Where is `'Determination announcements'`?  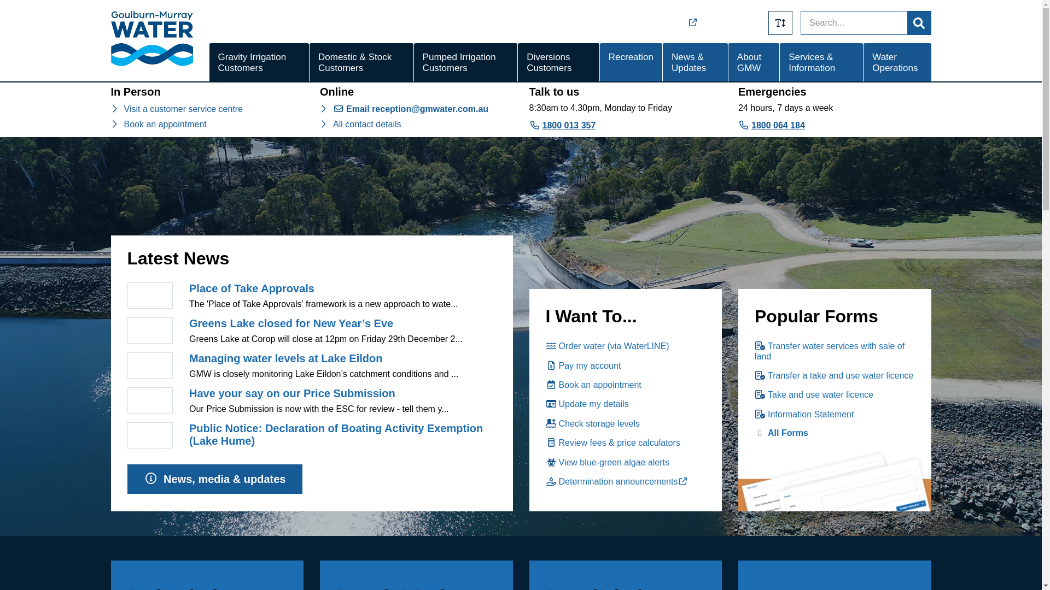
'Determination announcements' is located at coordinates (619, 481).